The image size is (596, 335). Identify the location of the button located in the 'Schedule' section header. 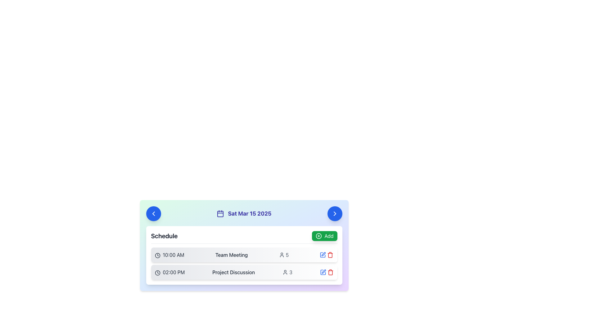
(324, 236).